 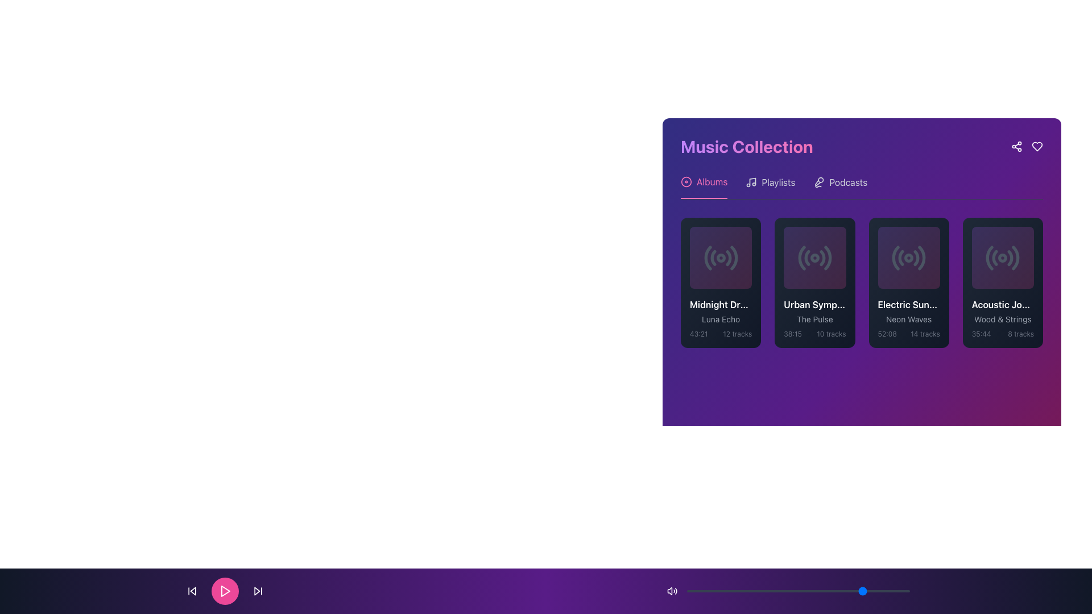 What do you see at coordinates (831, 334) in the screenshot?
I see `the informational text label indicating the number of tracks available in the album or playlist for 'Urban Symphony - The Pulse', located at the bottom-right corner of the card` at bounding box center [831, 334].